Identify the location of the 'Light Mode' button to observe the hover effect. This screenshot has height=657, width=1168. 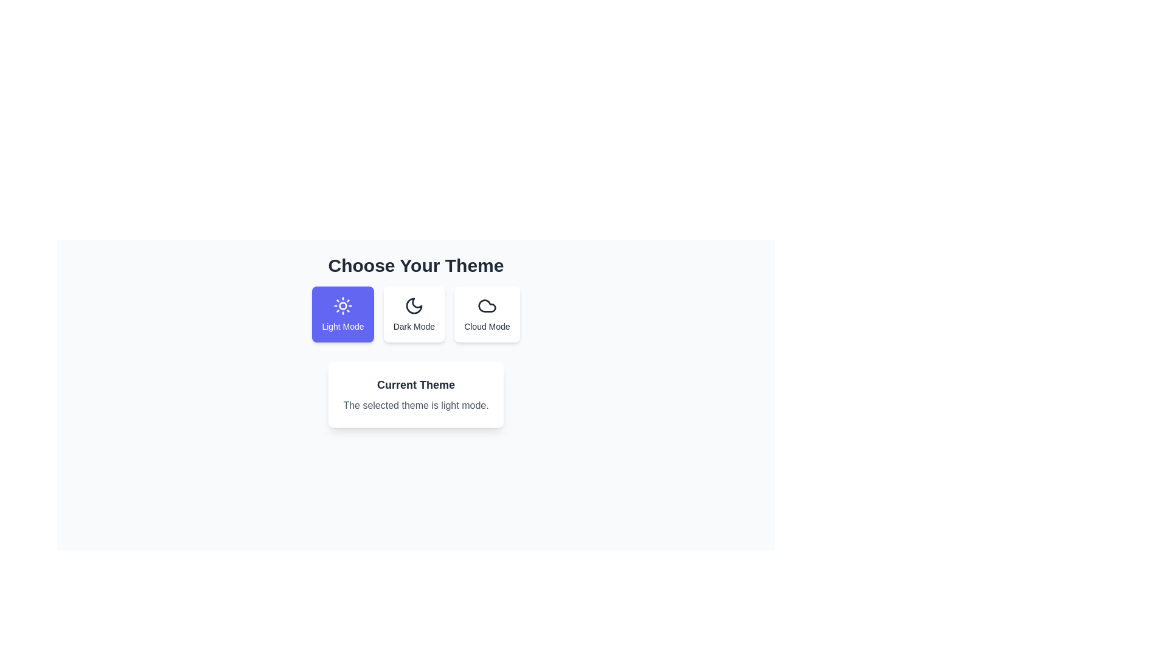
(342, 313).